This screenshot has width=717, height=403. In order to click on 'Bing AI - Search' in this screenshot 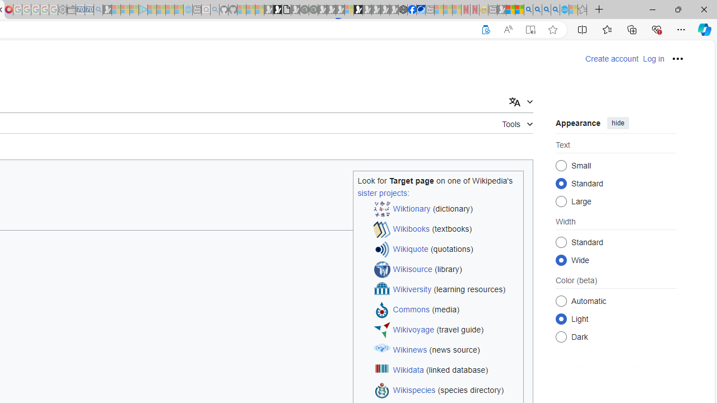, I will do `click(528, 10)`.